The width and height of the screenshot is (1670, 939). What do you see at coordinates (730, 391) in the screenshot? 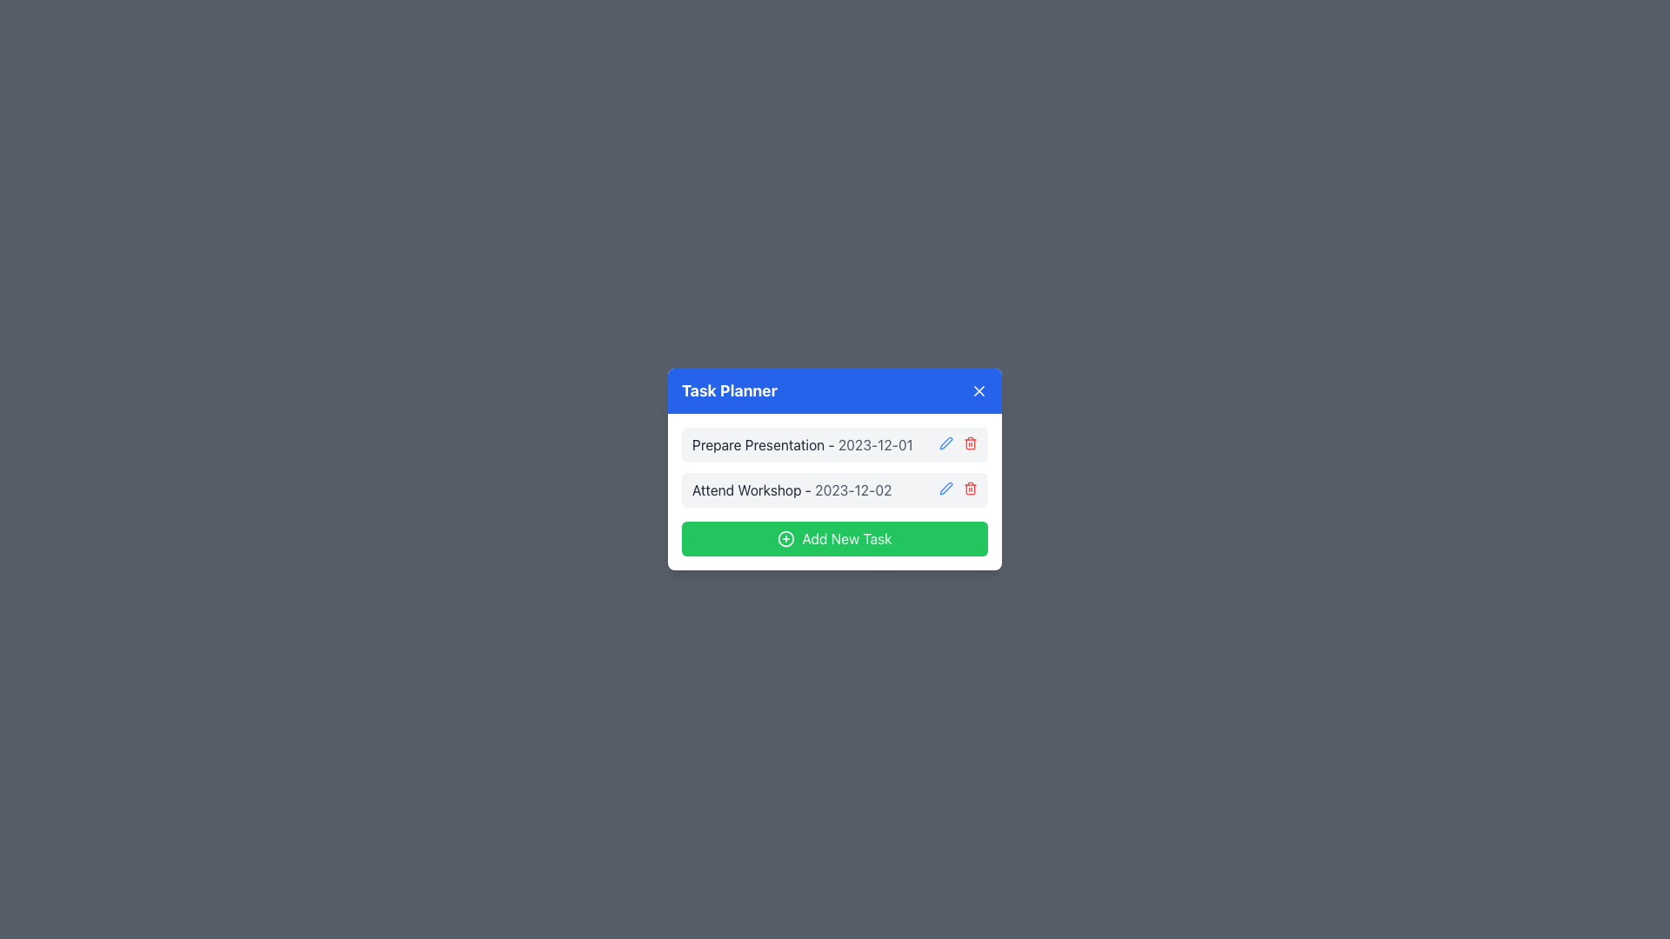
I see `the text label at the top of the popup box that indicates the purpose of the task planner interface` at bounding box center [730, 391].